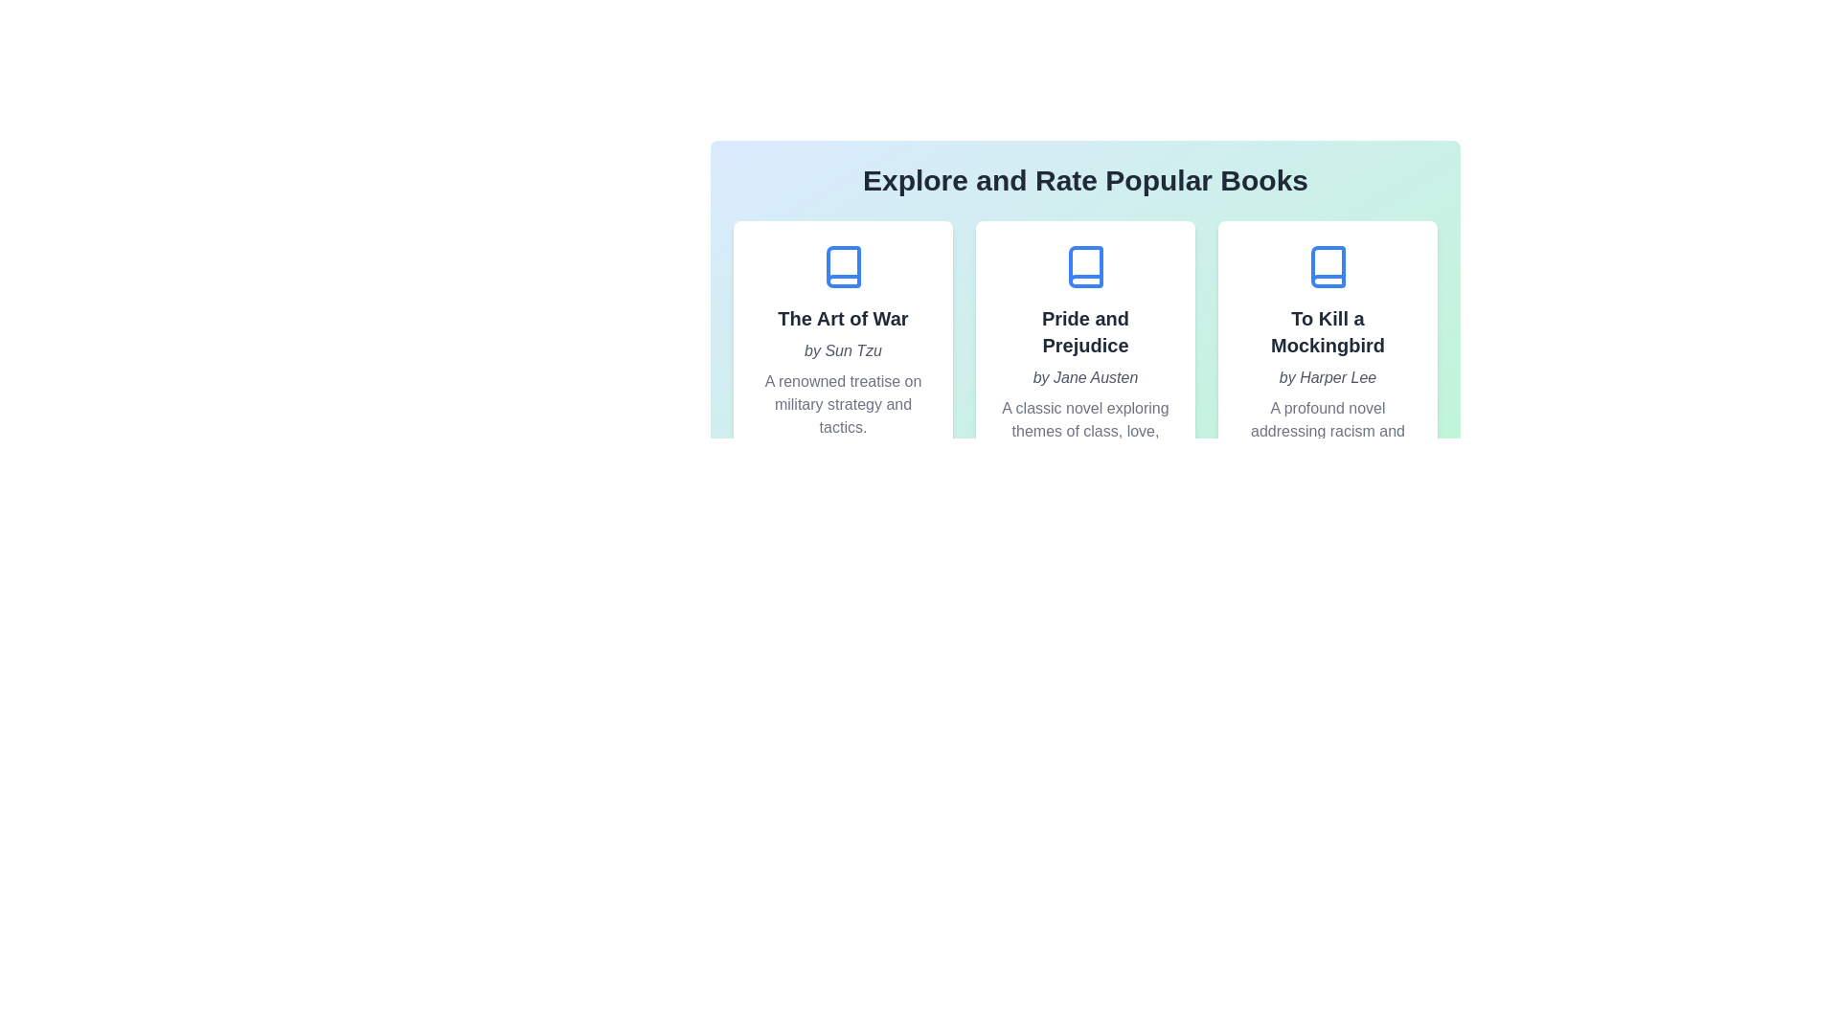  What do you see at coordinates (1327, 266) in the screenshot?
I see `the book icon for the book titled 'To Kill a Mockingbird' to indicate interest` at bounding box center [1327, 266].